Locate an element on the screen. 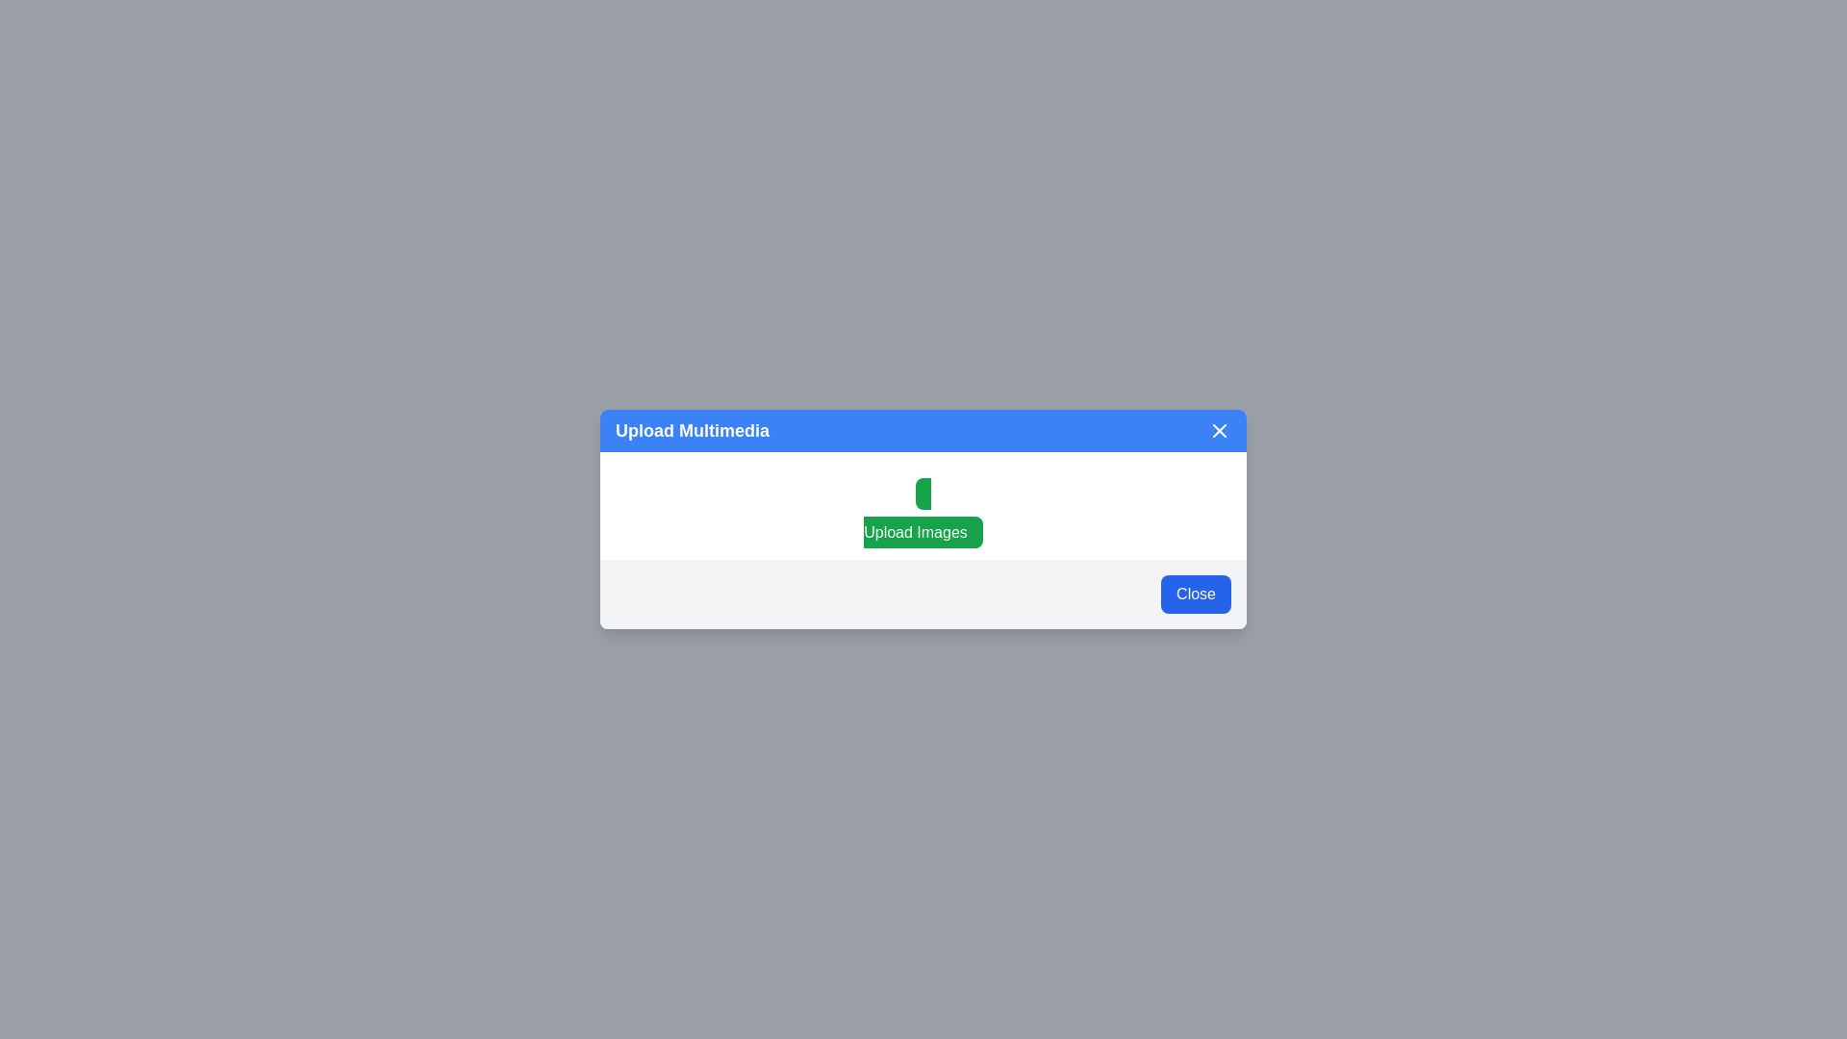  the close icon located in the top-right corner of the modal is located at coordinates (1218, 429).